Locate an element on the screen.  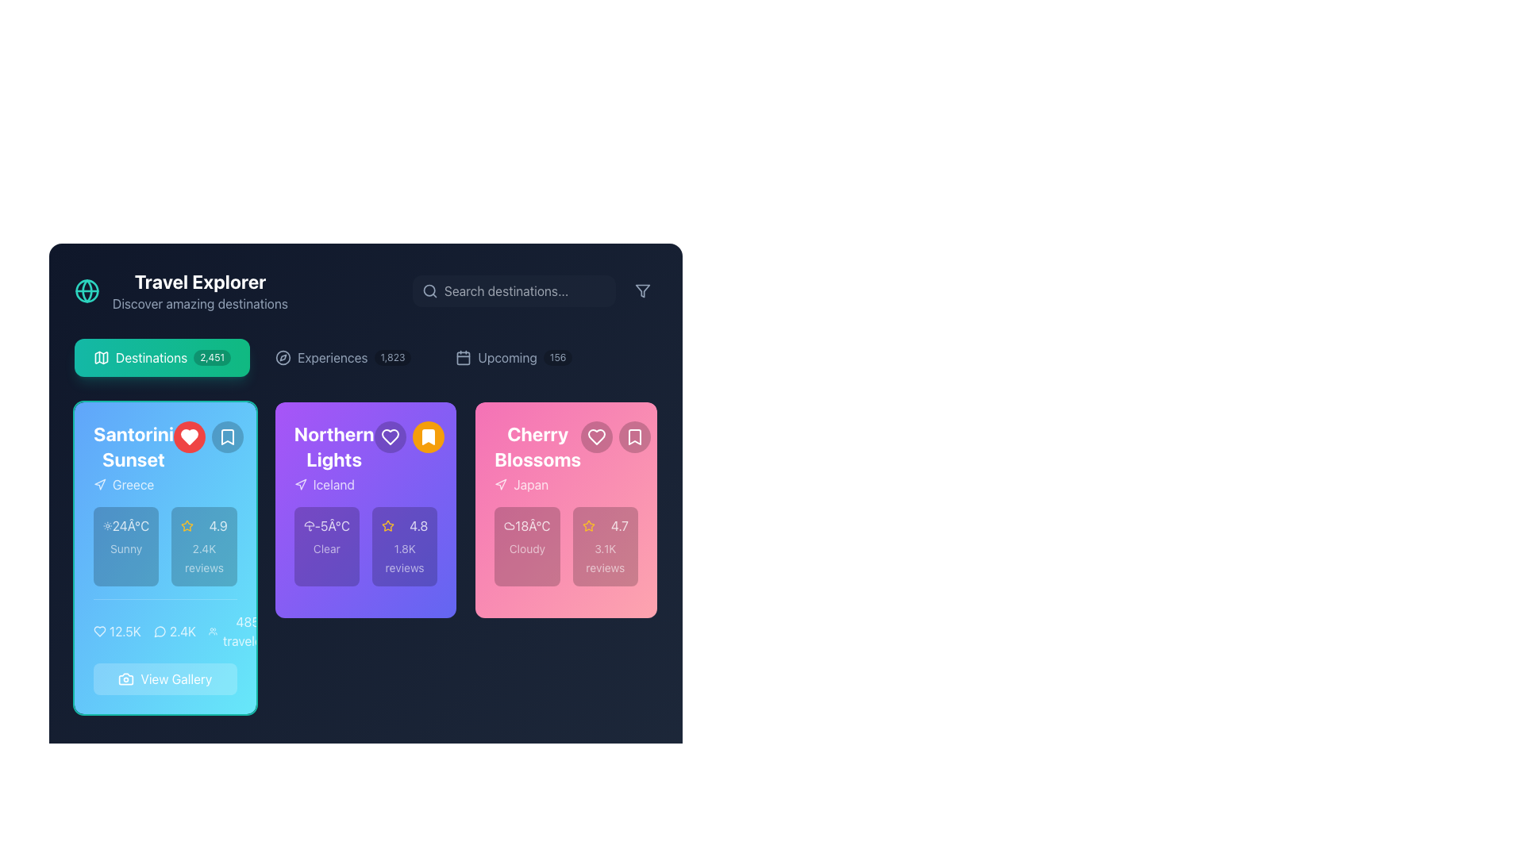
the Text label representing the rating value located to the right of the golden star icon within the 'Northern Lights' card is located at coordinates (418, 526).